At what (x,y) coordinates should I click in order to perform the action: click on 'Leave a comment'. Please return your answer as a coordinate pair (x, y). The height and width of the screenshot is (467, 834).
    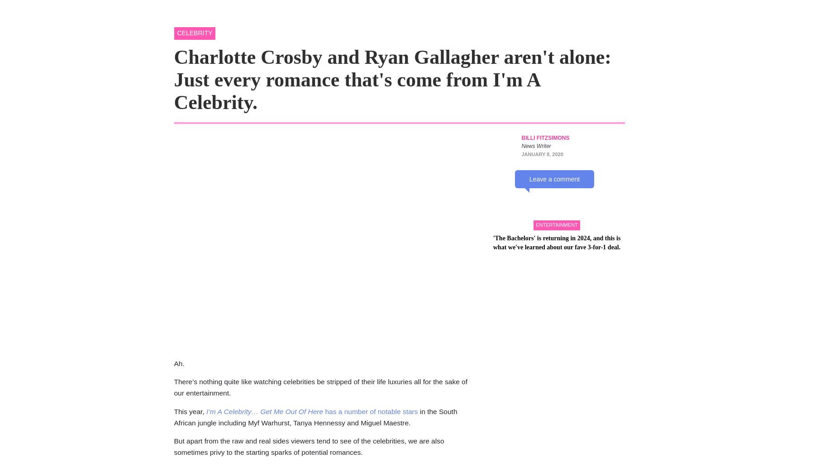
    Looking at the image, I should click on (554, 178).